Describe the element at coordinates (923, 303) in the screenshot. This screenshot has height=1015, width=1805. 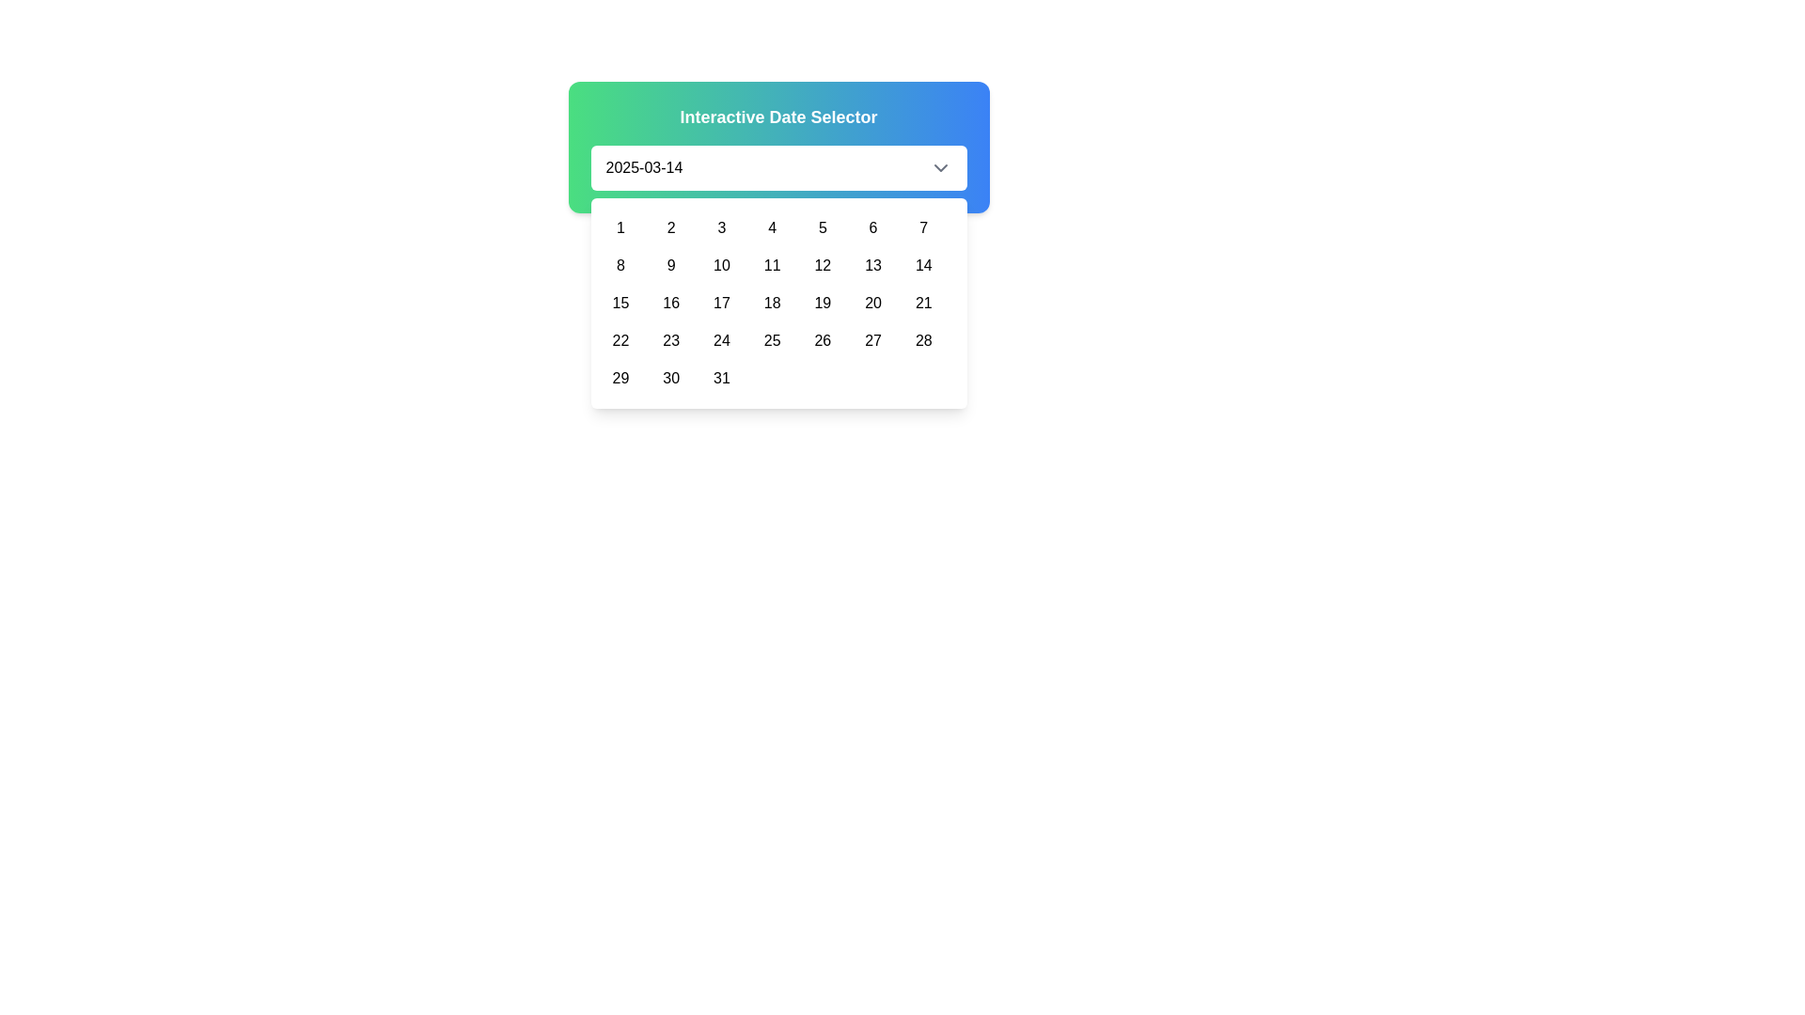
I see `the calendar date cell button displaying '21'` at that location.